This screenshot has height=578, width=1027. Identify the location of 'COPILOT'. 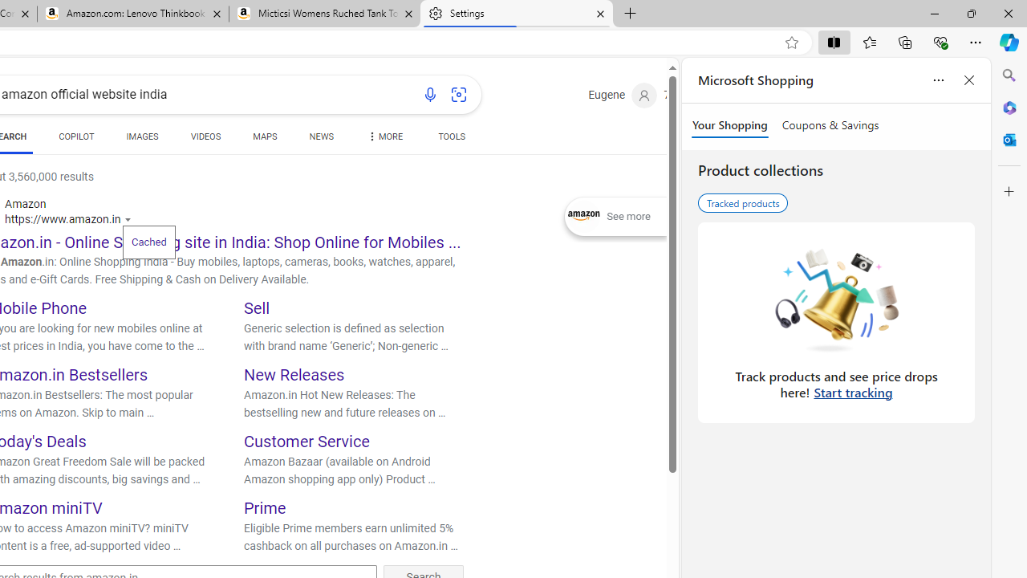
(75, 136).